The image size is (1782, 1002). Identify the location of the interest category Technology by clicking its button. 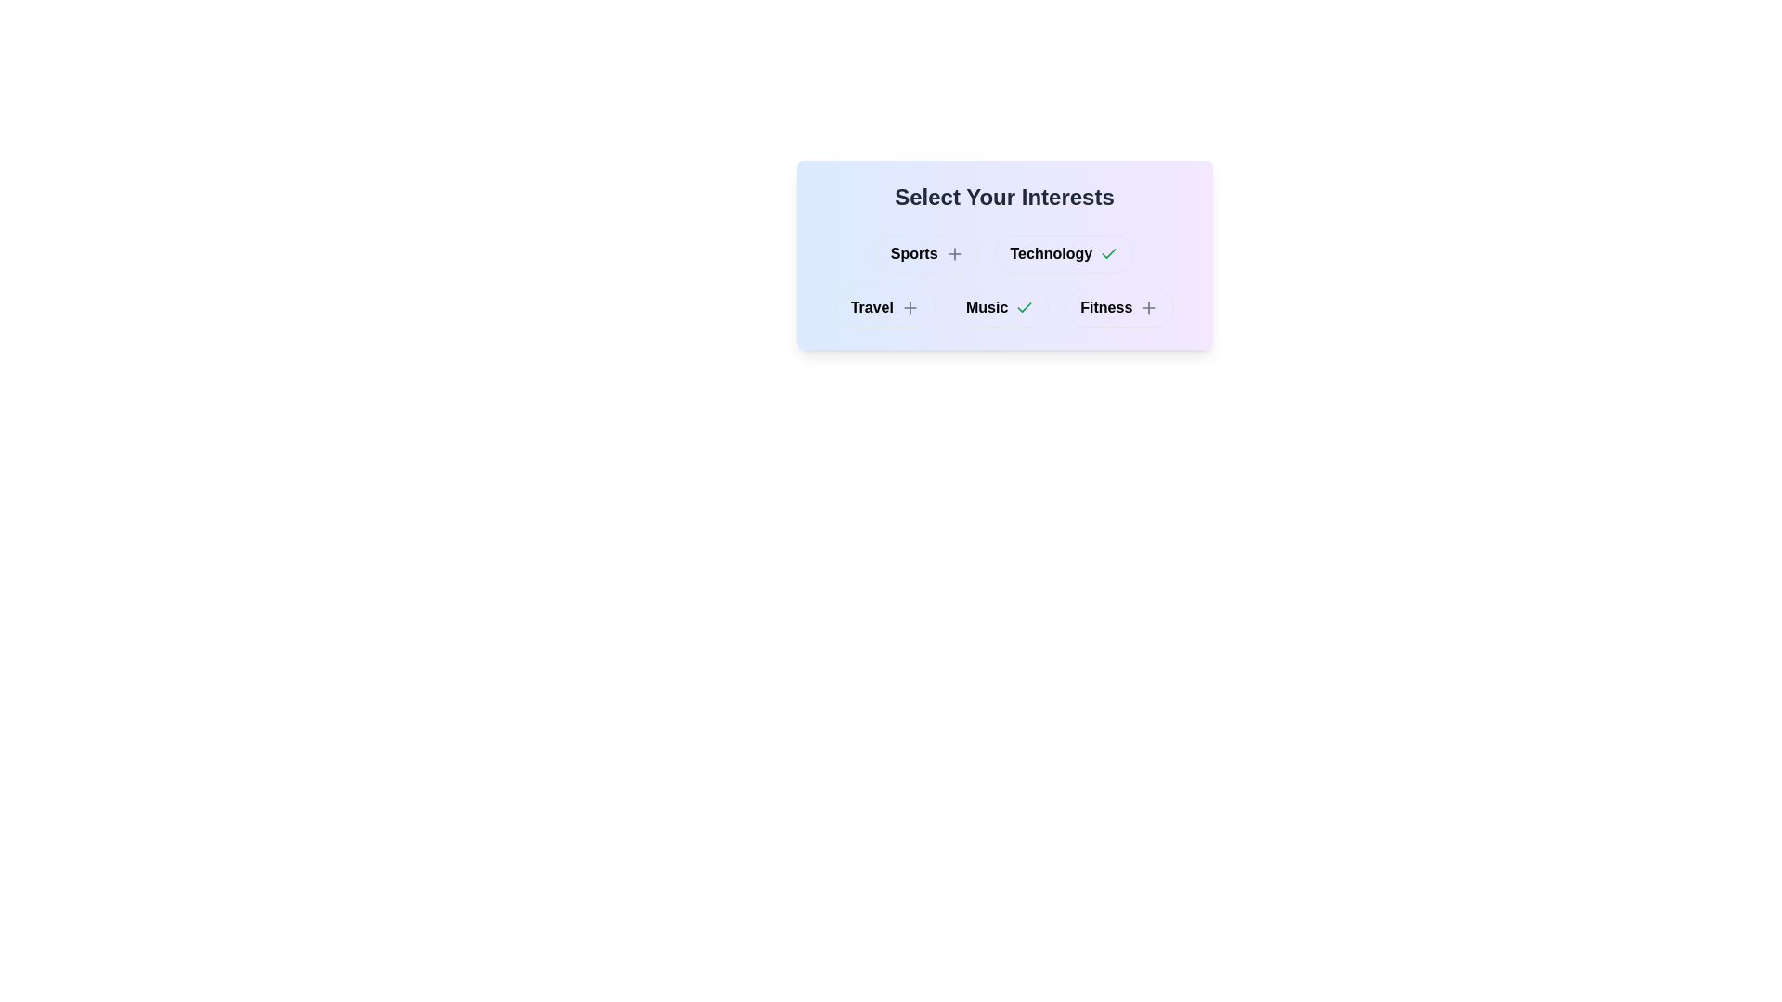
(1065, 253).